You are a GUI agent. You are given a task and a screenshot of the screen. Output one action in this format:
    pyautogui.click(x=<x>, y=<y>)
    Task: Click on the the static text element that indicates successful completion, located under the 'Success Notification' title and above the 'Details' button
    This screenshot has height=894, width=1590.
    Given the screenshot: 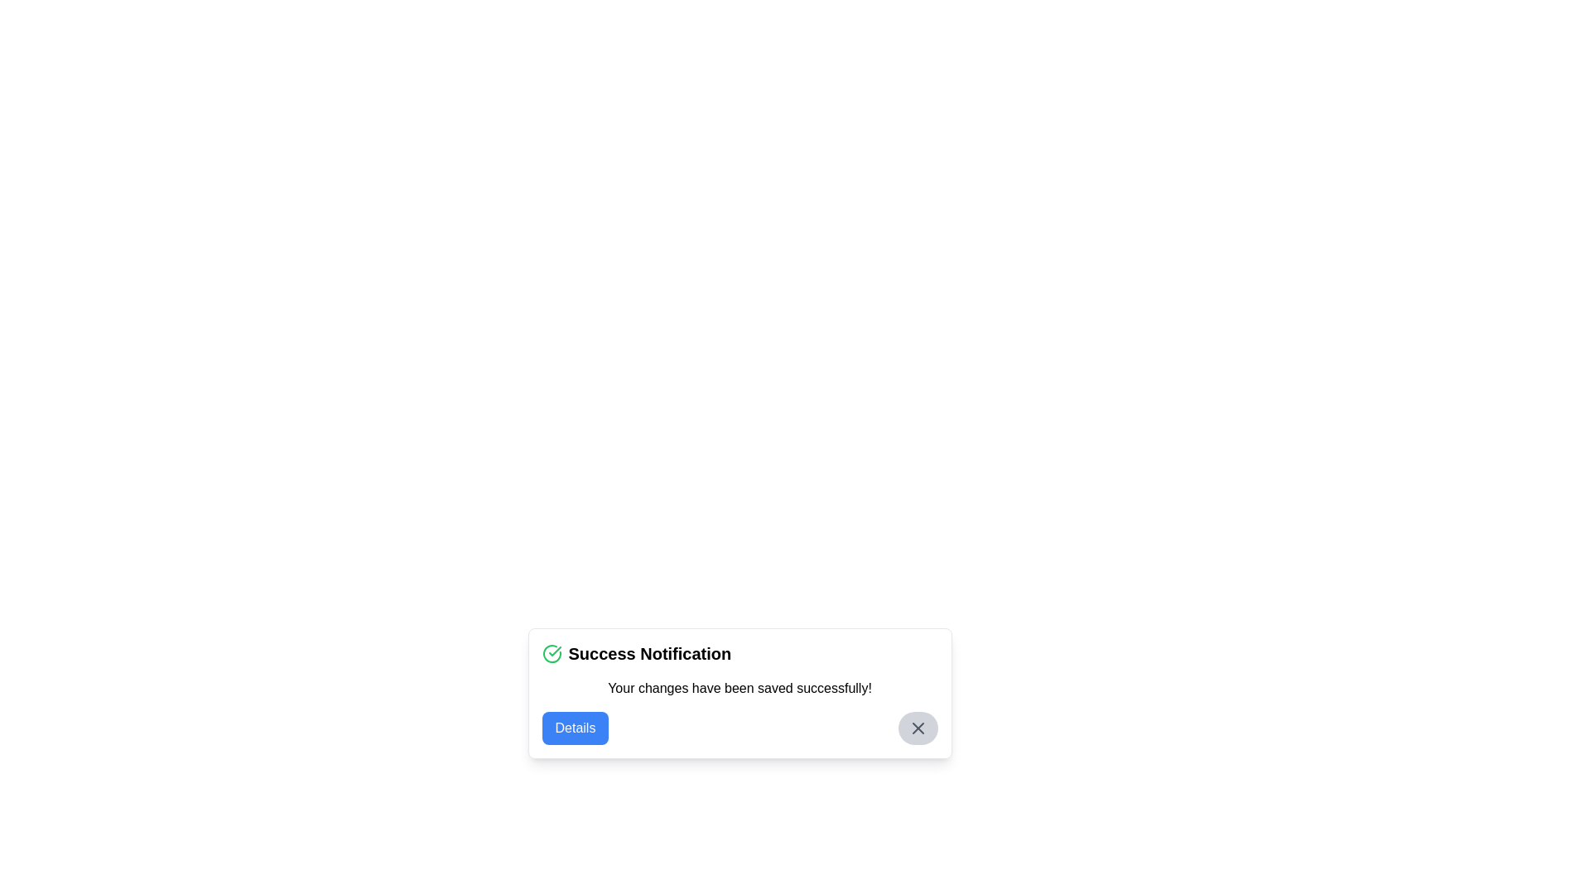 What is the action you would take?
    pyautogui.click(x=739, y=689)
    